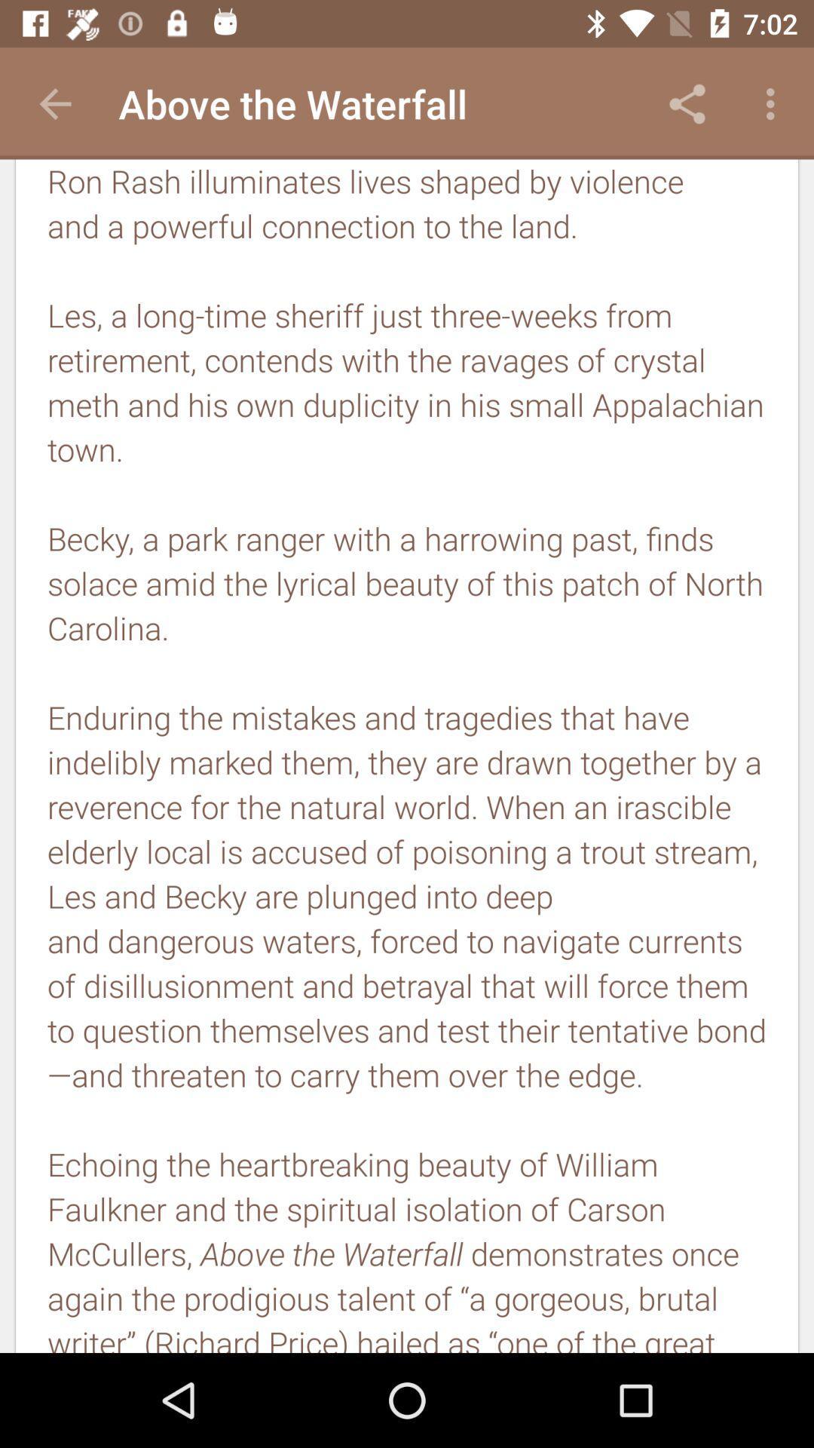  Describe the element at coordinates (687, 103) in the screenshot. I see `app next to above the waterfall` at that location.